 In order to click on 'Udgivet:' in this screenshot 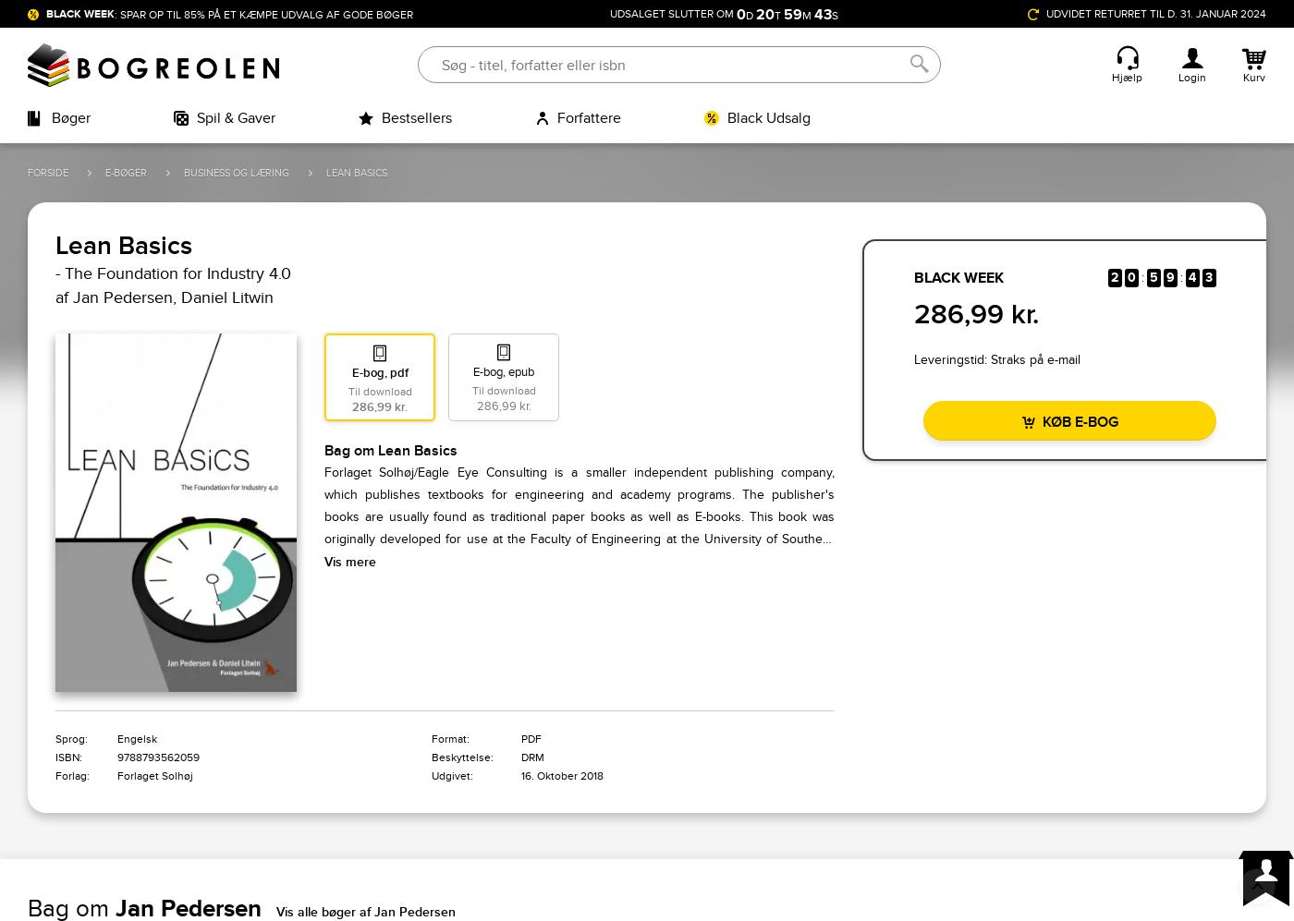, I will do `click(451, 775)`.